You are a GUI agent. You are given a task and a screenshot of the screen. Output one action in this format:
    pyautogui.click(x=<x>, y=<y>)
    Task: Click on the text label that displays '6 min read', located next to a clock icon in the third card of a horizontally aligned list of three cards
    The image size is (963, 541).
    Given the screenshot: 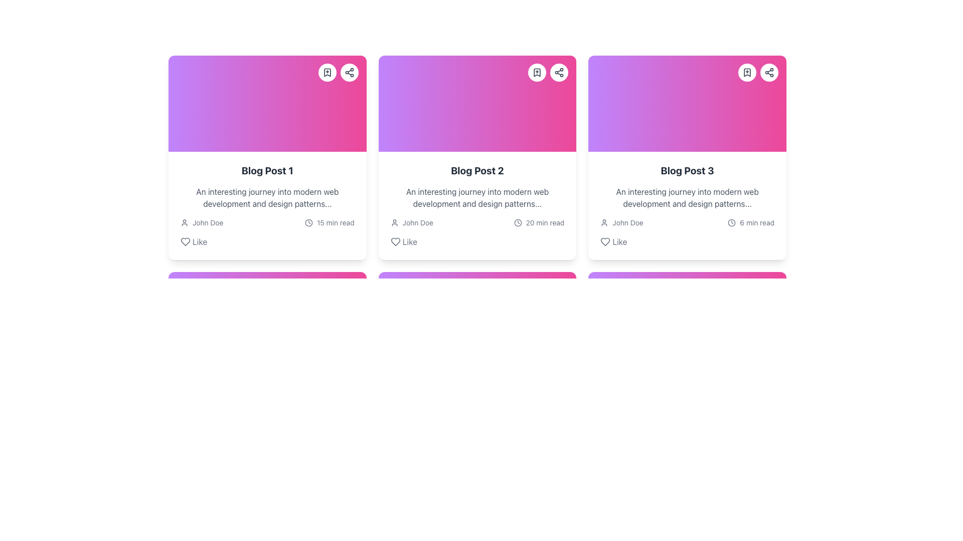 What is the action you would take?
    pyautogui.click(x=757, y=222)
    